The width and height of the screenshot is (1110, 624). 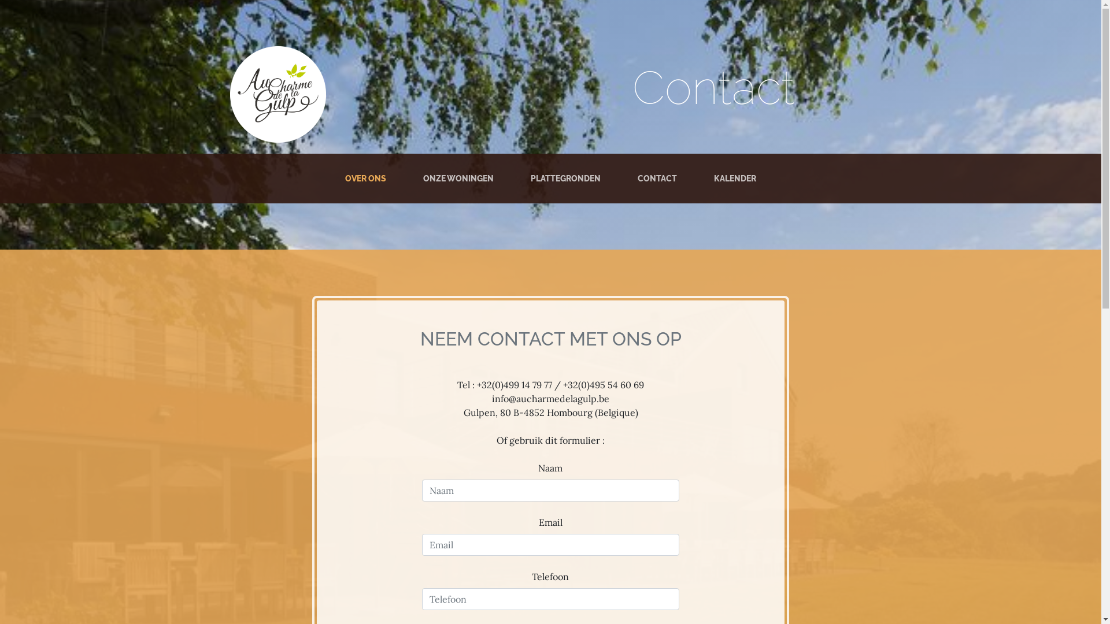 I want to click on 'KALENDER', so click(x=734, y=178).